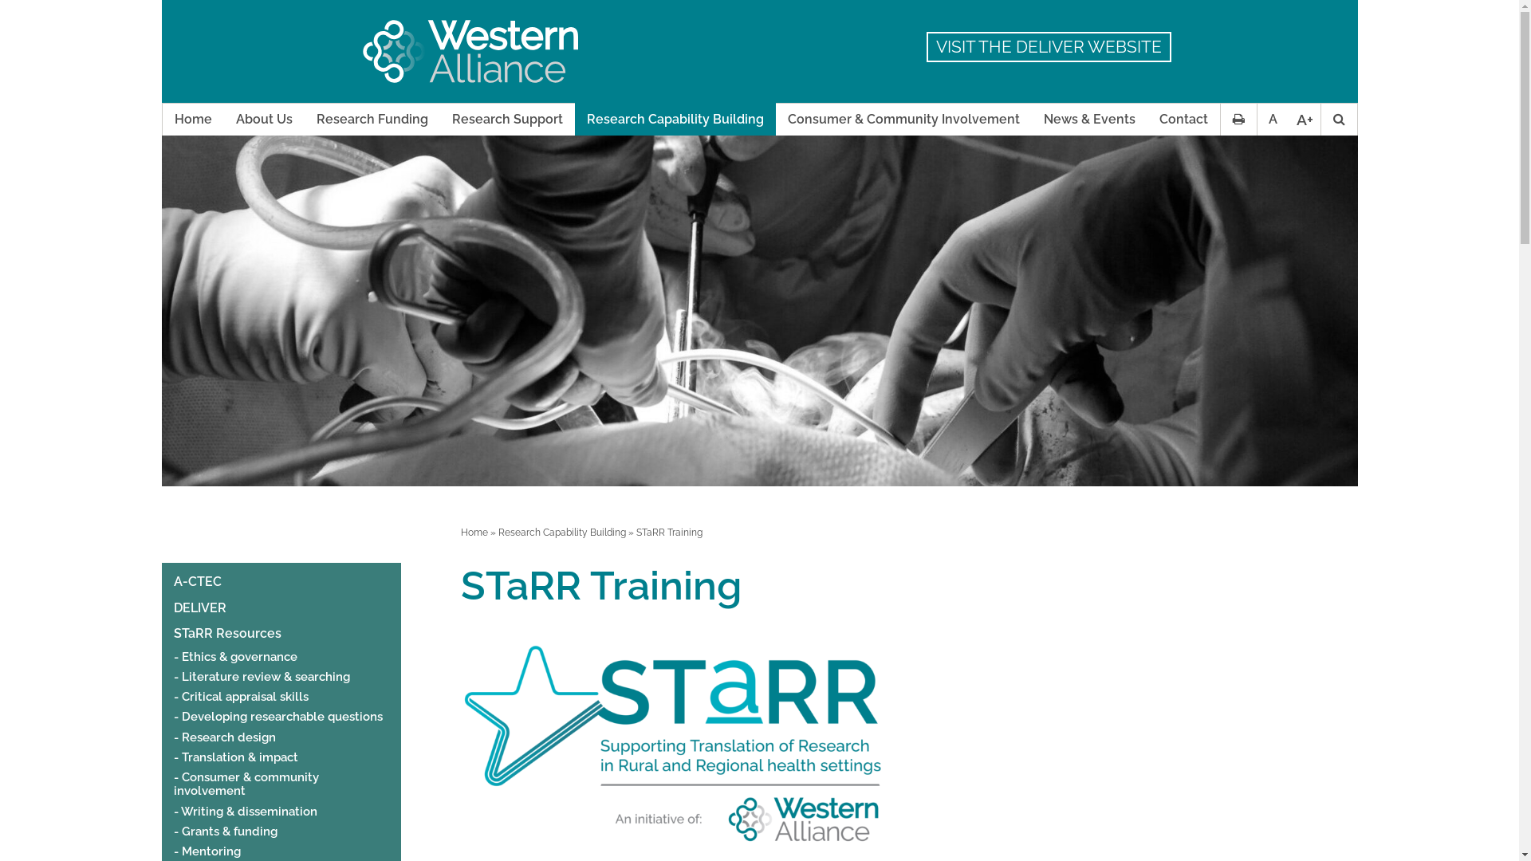  I want to click on 'Writing & dissemination', so click(173, 812).